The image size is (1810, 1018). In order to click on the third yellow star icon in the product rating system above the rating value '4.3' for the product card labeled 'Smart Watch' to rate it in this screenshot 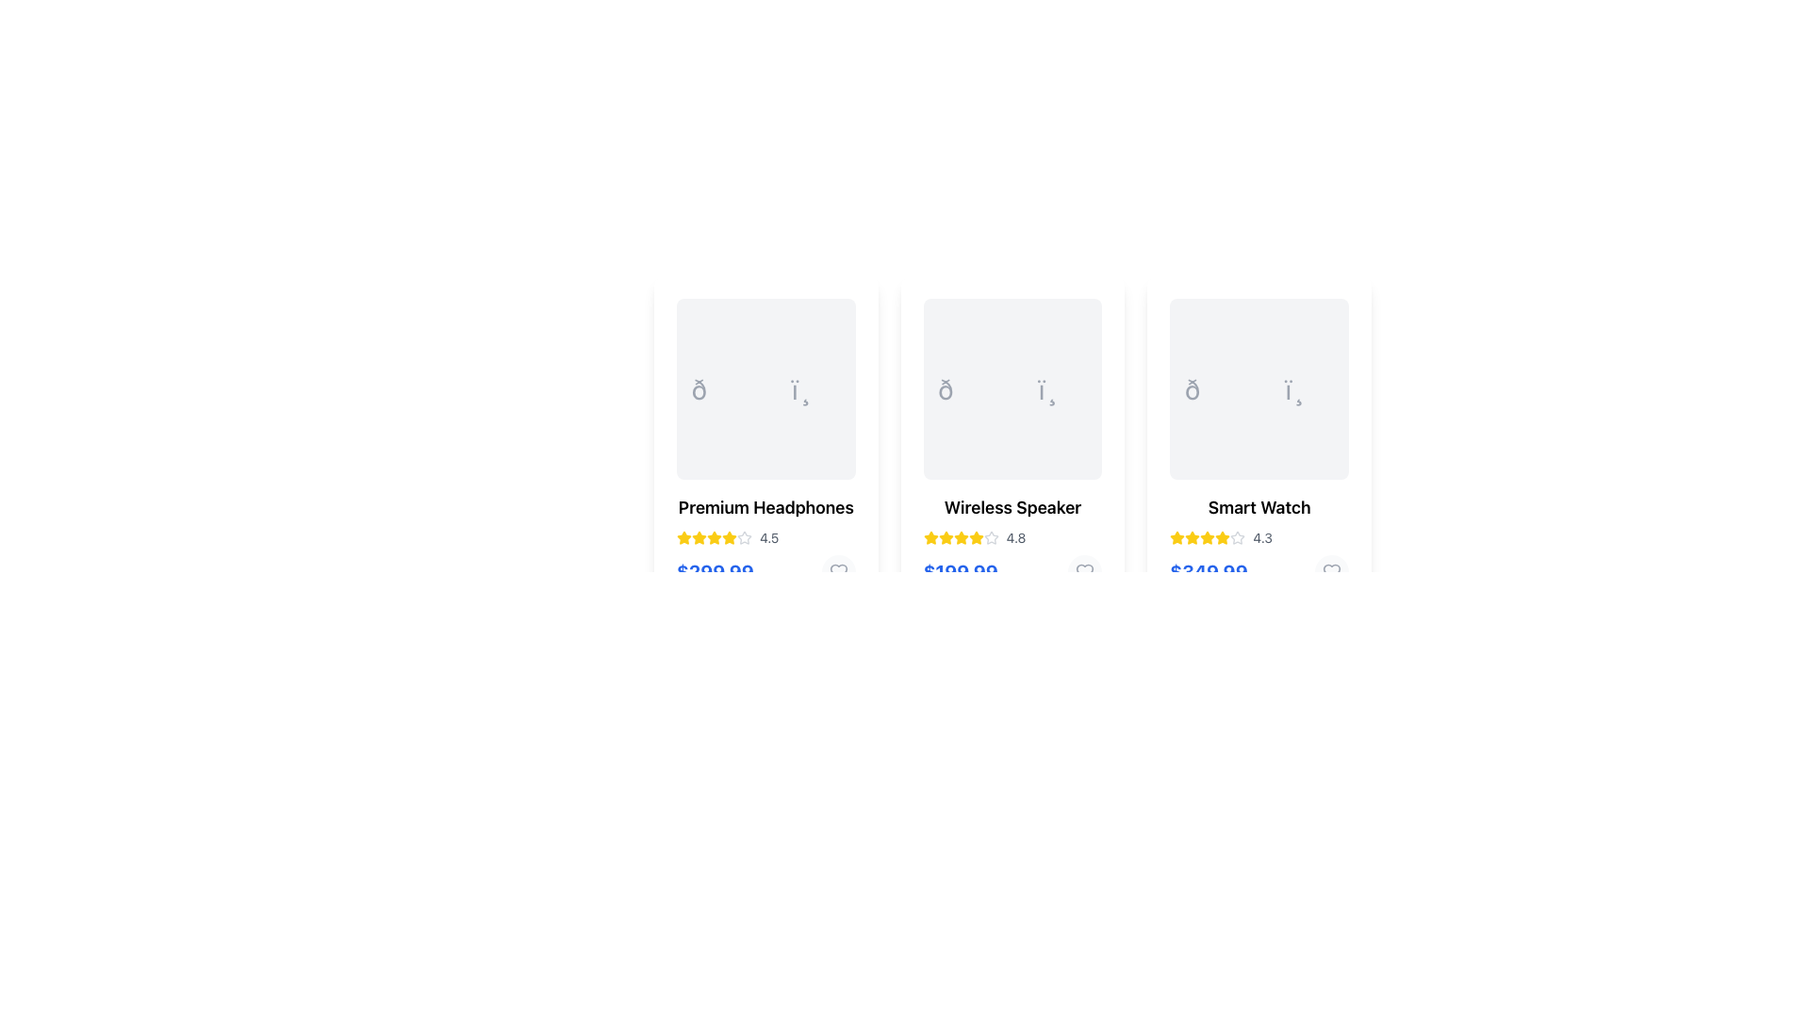, I will do `click(1192, 537)`.